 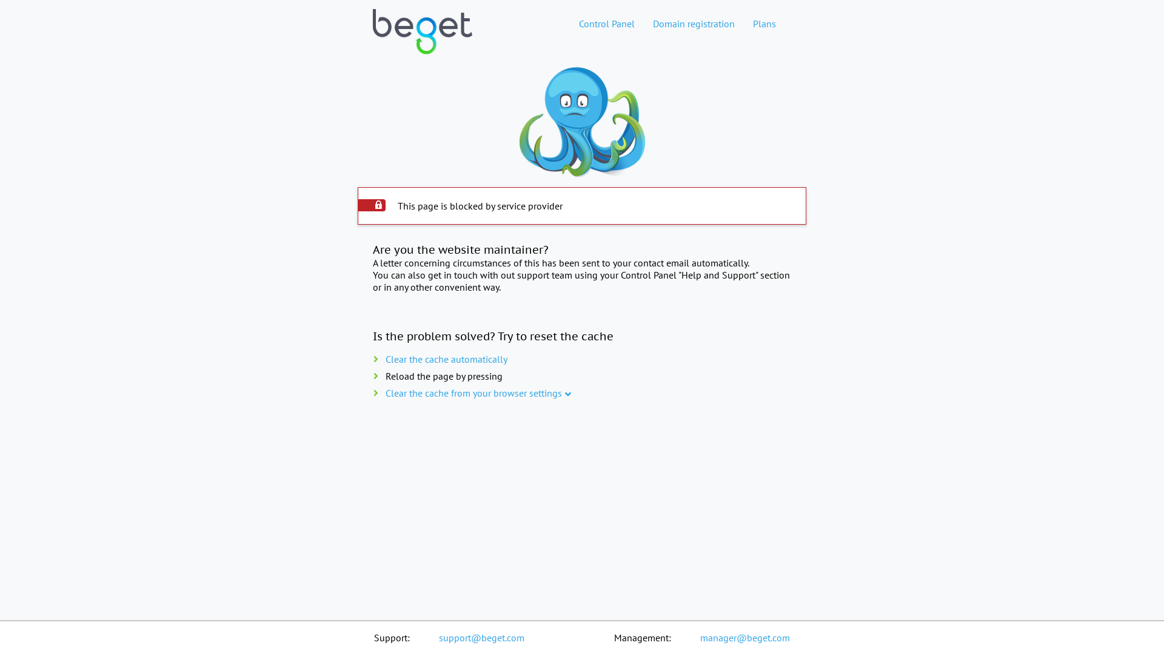 I want to click on 'Clear the cache from your browser settings', so click(x=473, y=392).